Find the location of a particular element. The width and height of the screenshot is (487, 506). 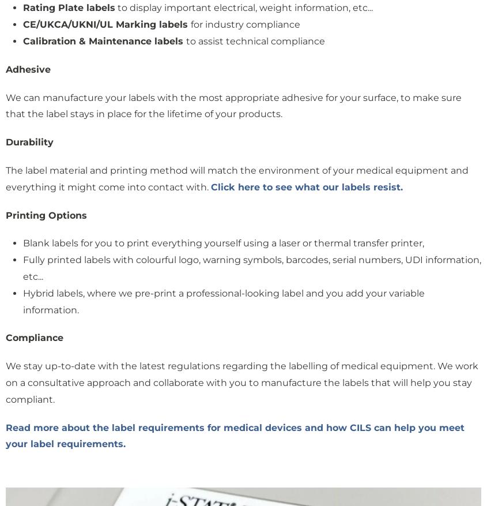

'Calibration & Maintenance labels' is located at coordinates (104, 41).